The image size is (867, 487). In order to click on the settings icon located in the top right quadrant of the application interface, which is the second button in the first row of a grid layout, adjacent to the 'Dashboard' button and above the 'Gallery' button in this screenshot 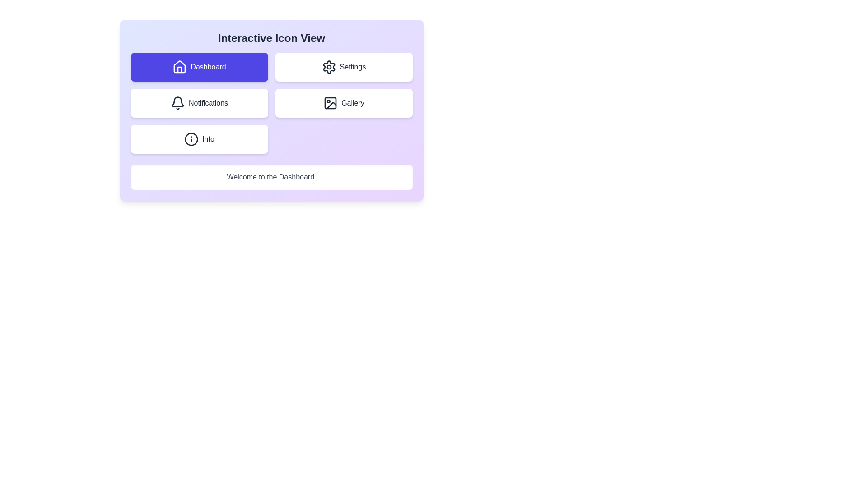, I will do `click(328, 67)`.